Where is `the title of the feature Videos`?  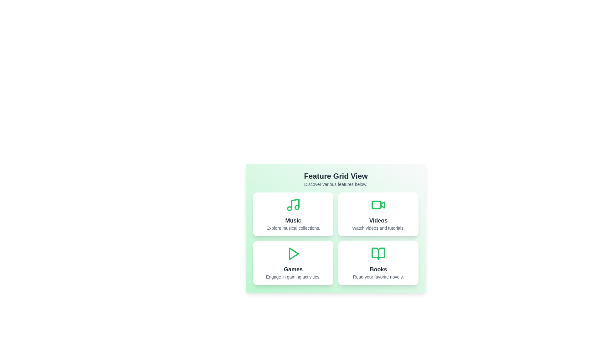
the title of the feature Videos is located at coordinates (378, 220).